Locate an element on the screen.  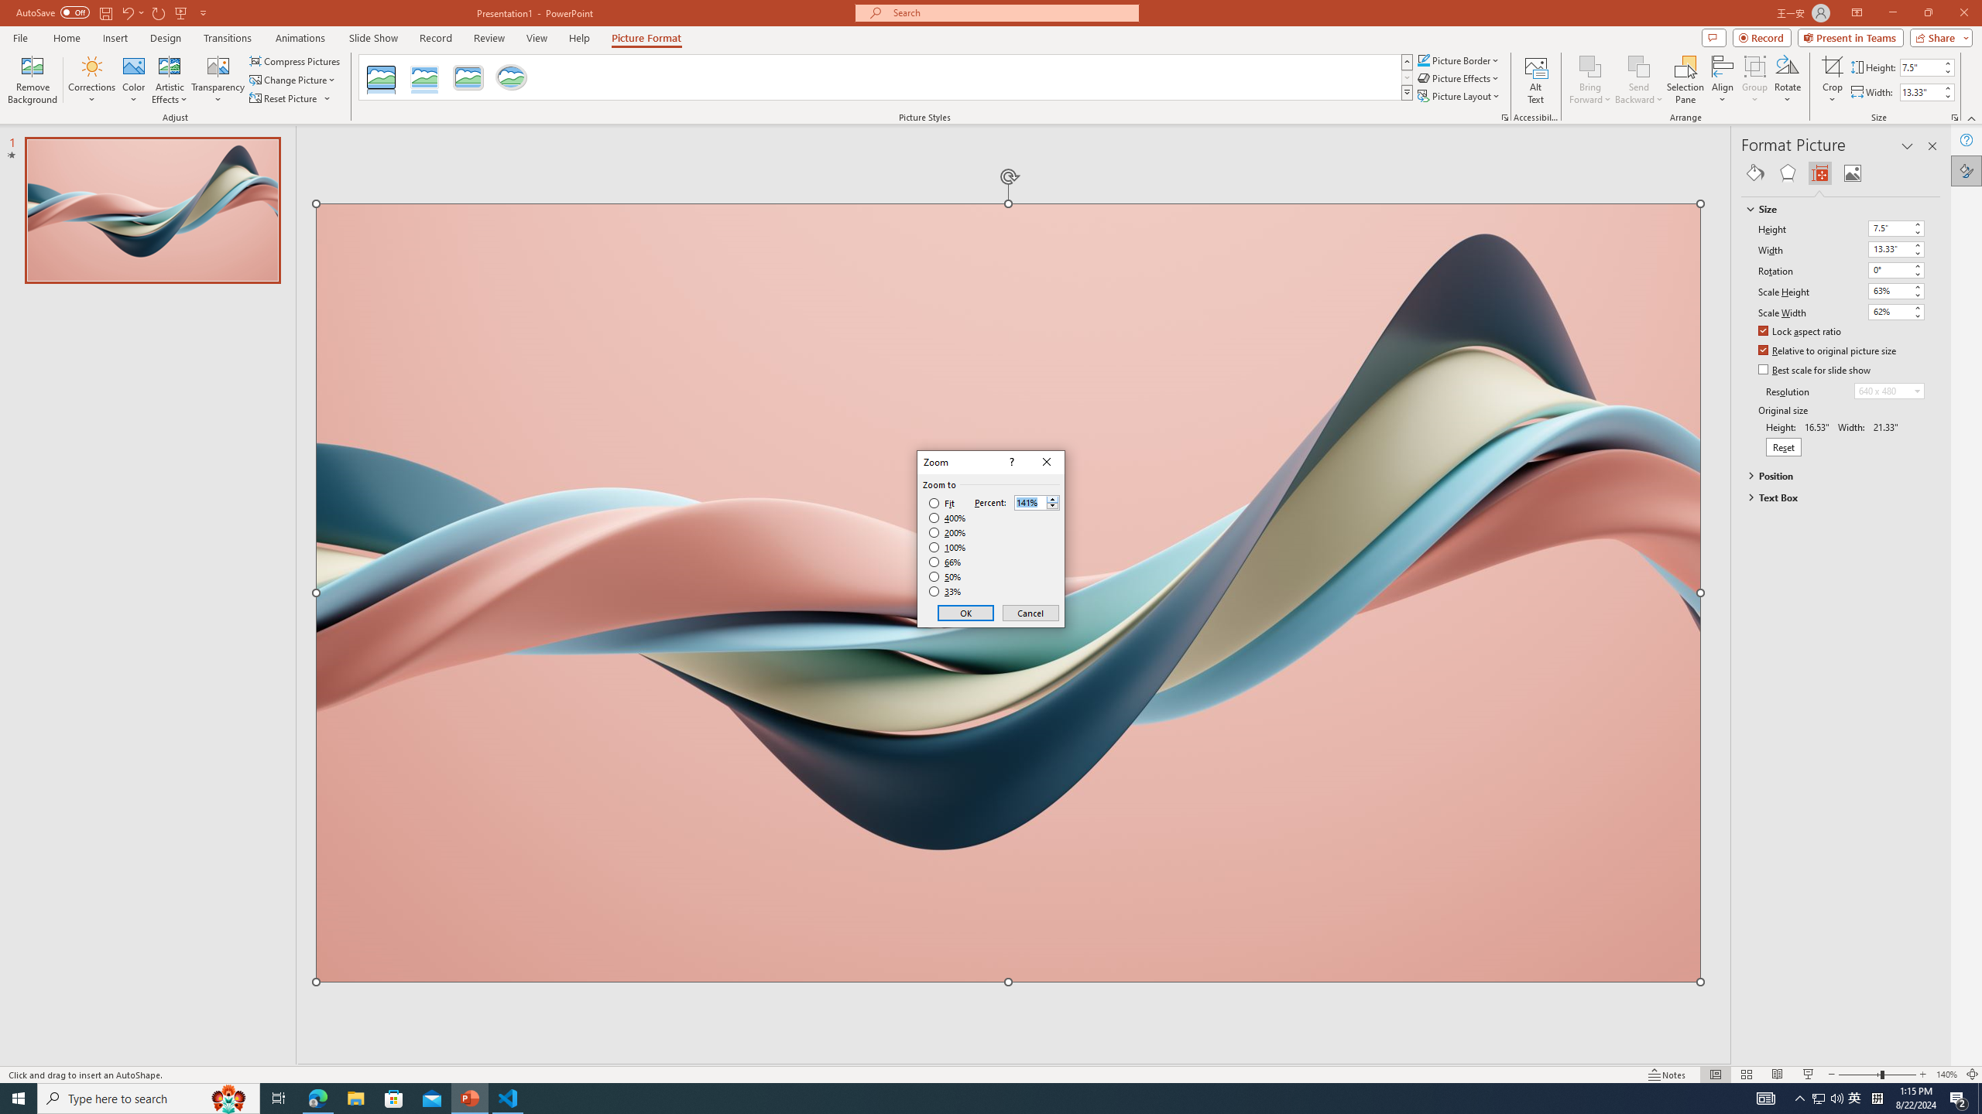
'Align' is located at coordinates (1721, 80).